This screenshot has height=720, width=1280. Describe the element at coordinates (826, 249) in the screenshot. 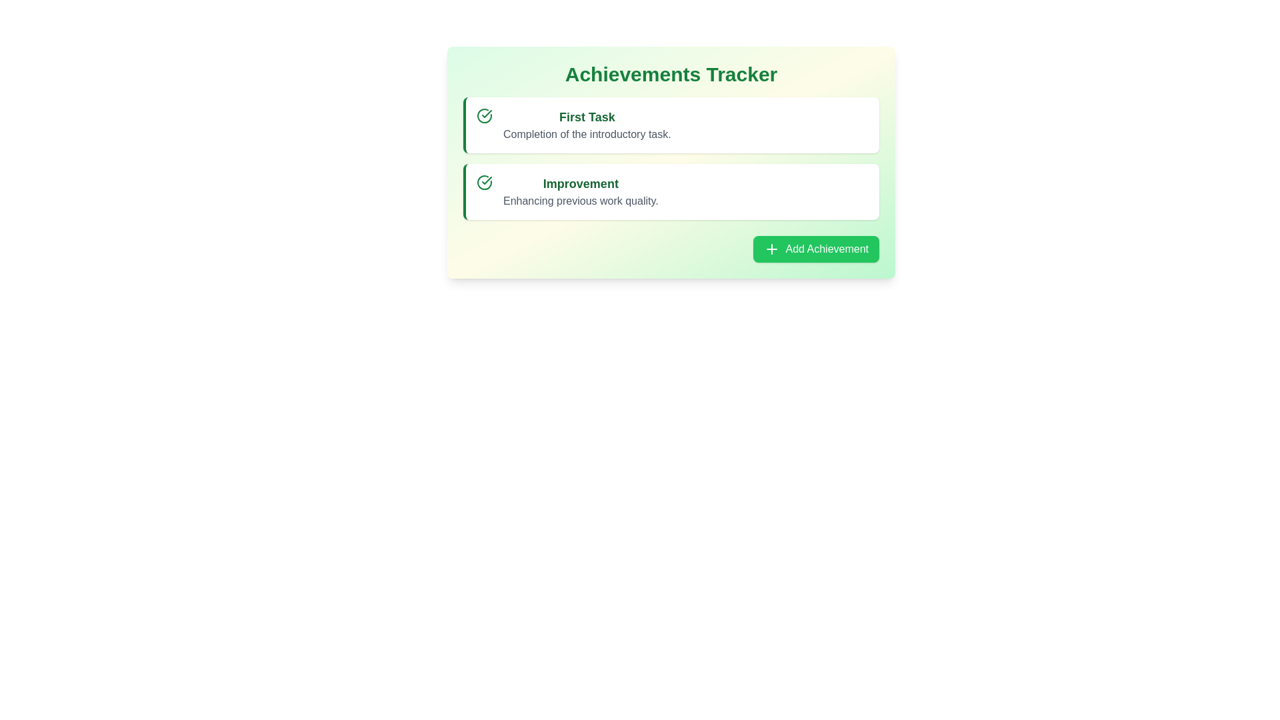

I see `the descriptive text within the button that adds a new achievement entry, located at the bottom-right of the central card, to the immediate right of a 'plus' icon` at that location.